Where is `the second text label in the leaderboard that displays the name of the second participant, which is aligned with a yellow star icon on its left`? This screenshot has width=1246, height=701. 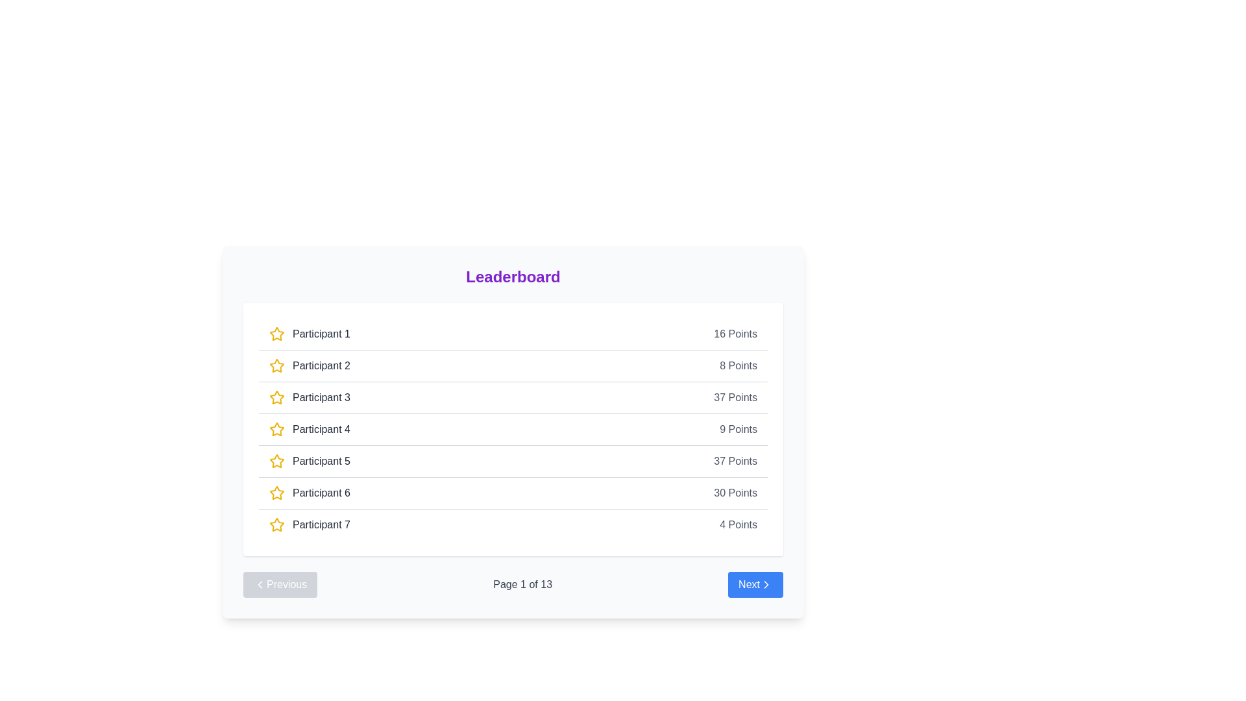
the second text label in the leaderboard that displays the name of the second participant, which is aligned with a yellow star icon on its left is located at coordinates (321, 365).